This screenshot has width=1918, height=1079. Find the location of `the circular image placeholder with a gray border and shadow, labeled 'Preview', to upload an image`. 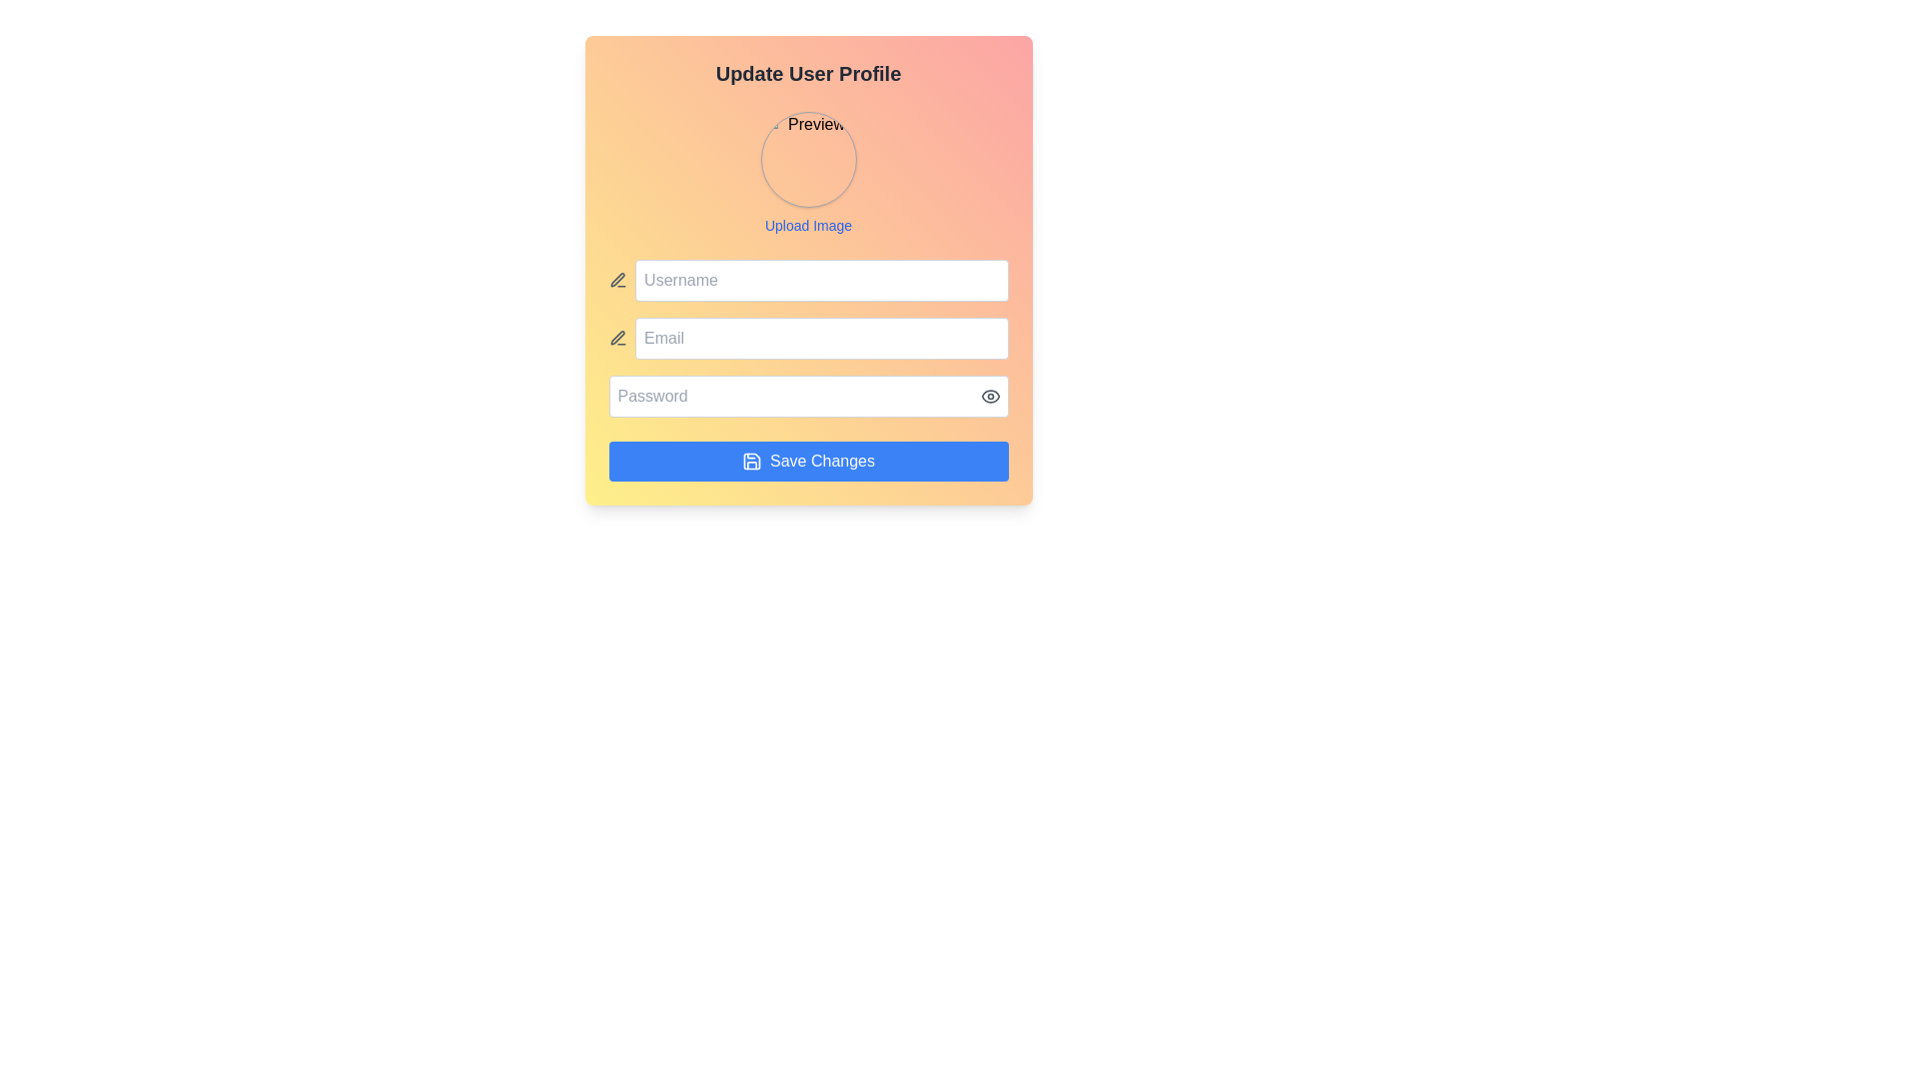

the circular image placeholder with a gray border and shadow, labeled 'Preview', to upload an image is located at coordinates (808, 158).